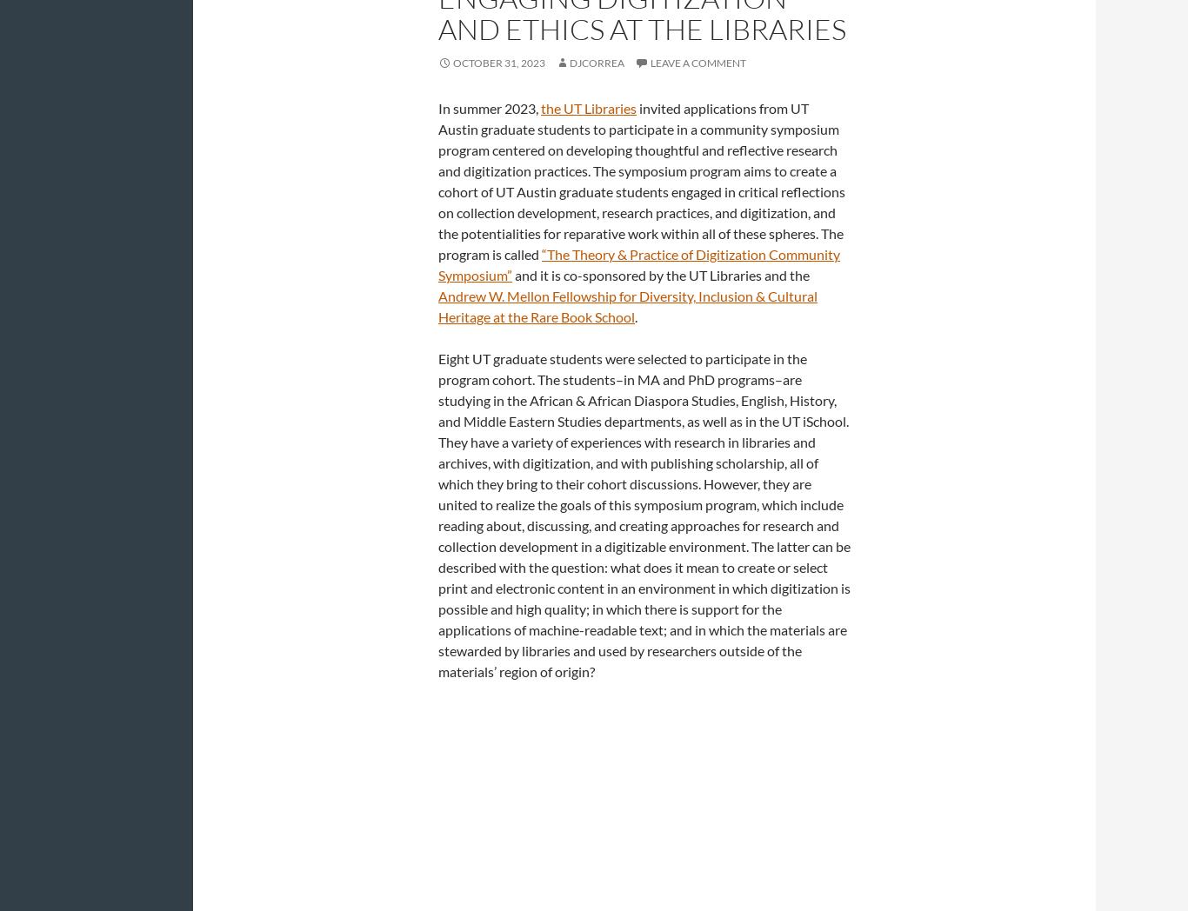  I want to click on 'and it is co-sponsored by the UT Libraries and the', so click(661, 275).